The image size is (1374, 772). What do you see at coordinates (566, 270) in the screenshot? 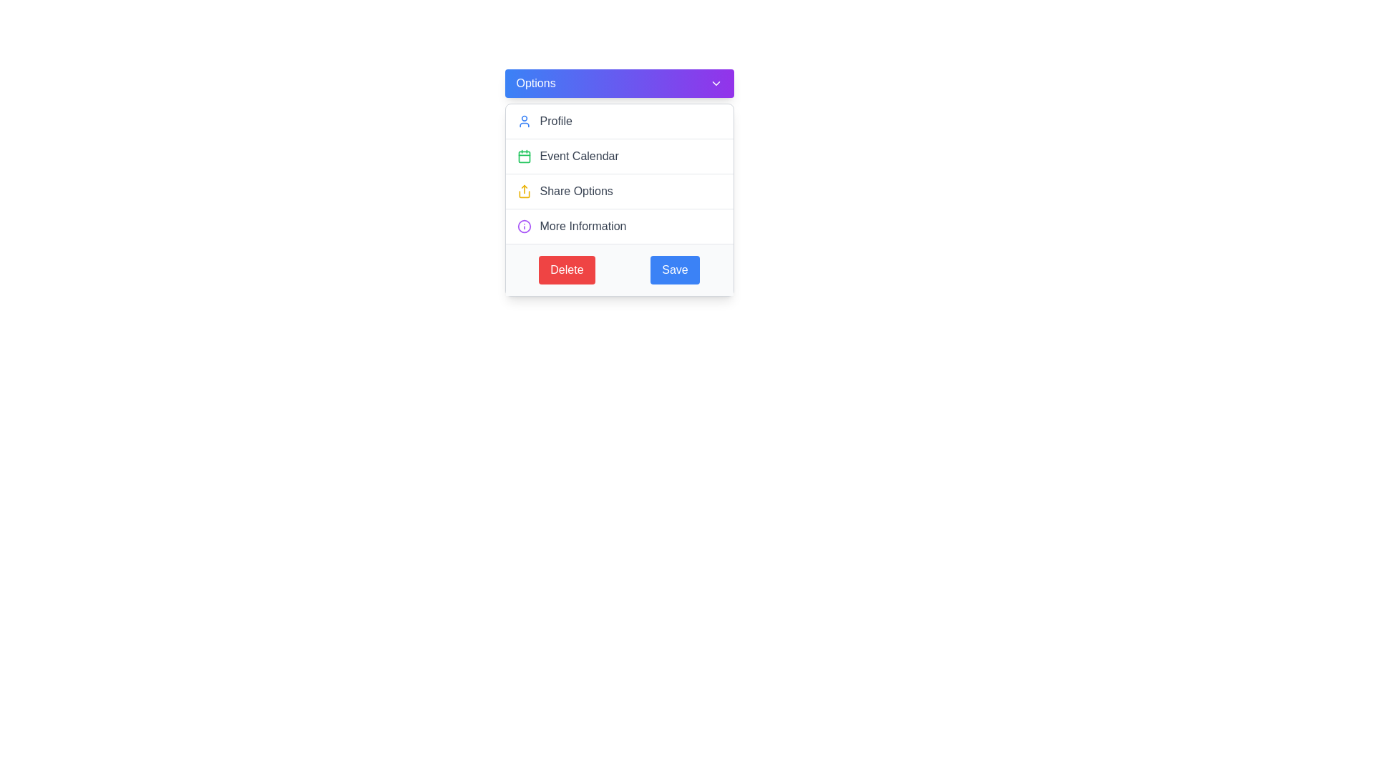
I see `the 'Delete' button` at bounding box center [566, 270].